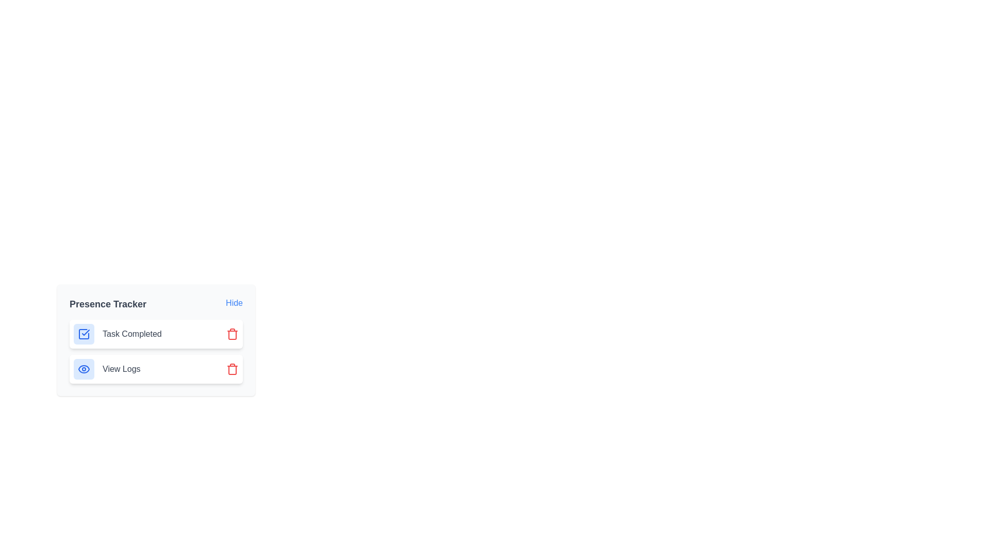 This screenshot has width=990, height=557. I want to click on the non-interactive icon representing the status of a task within the 'Task Completed' card, located to the left of the text 'Task Completed', so click(84, 334).